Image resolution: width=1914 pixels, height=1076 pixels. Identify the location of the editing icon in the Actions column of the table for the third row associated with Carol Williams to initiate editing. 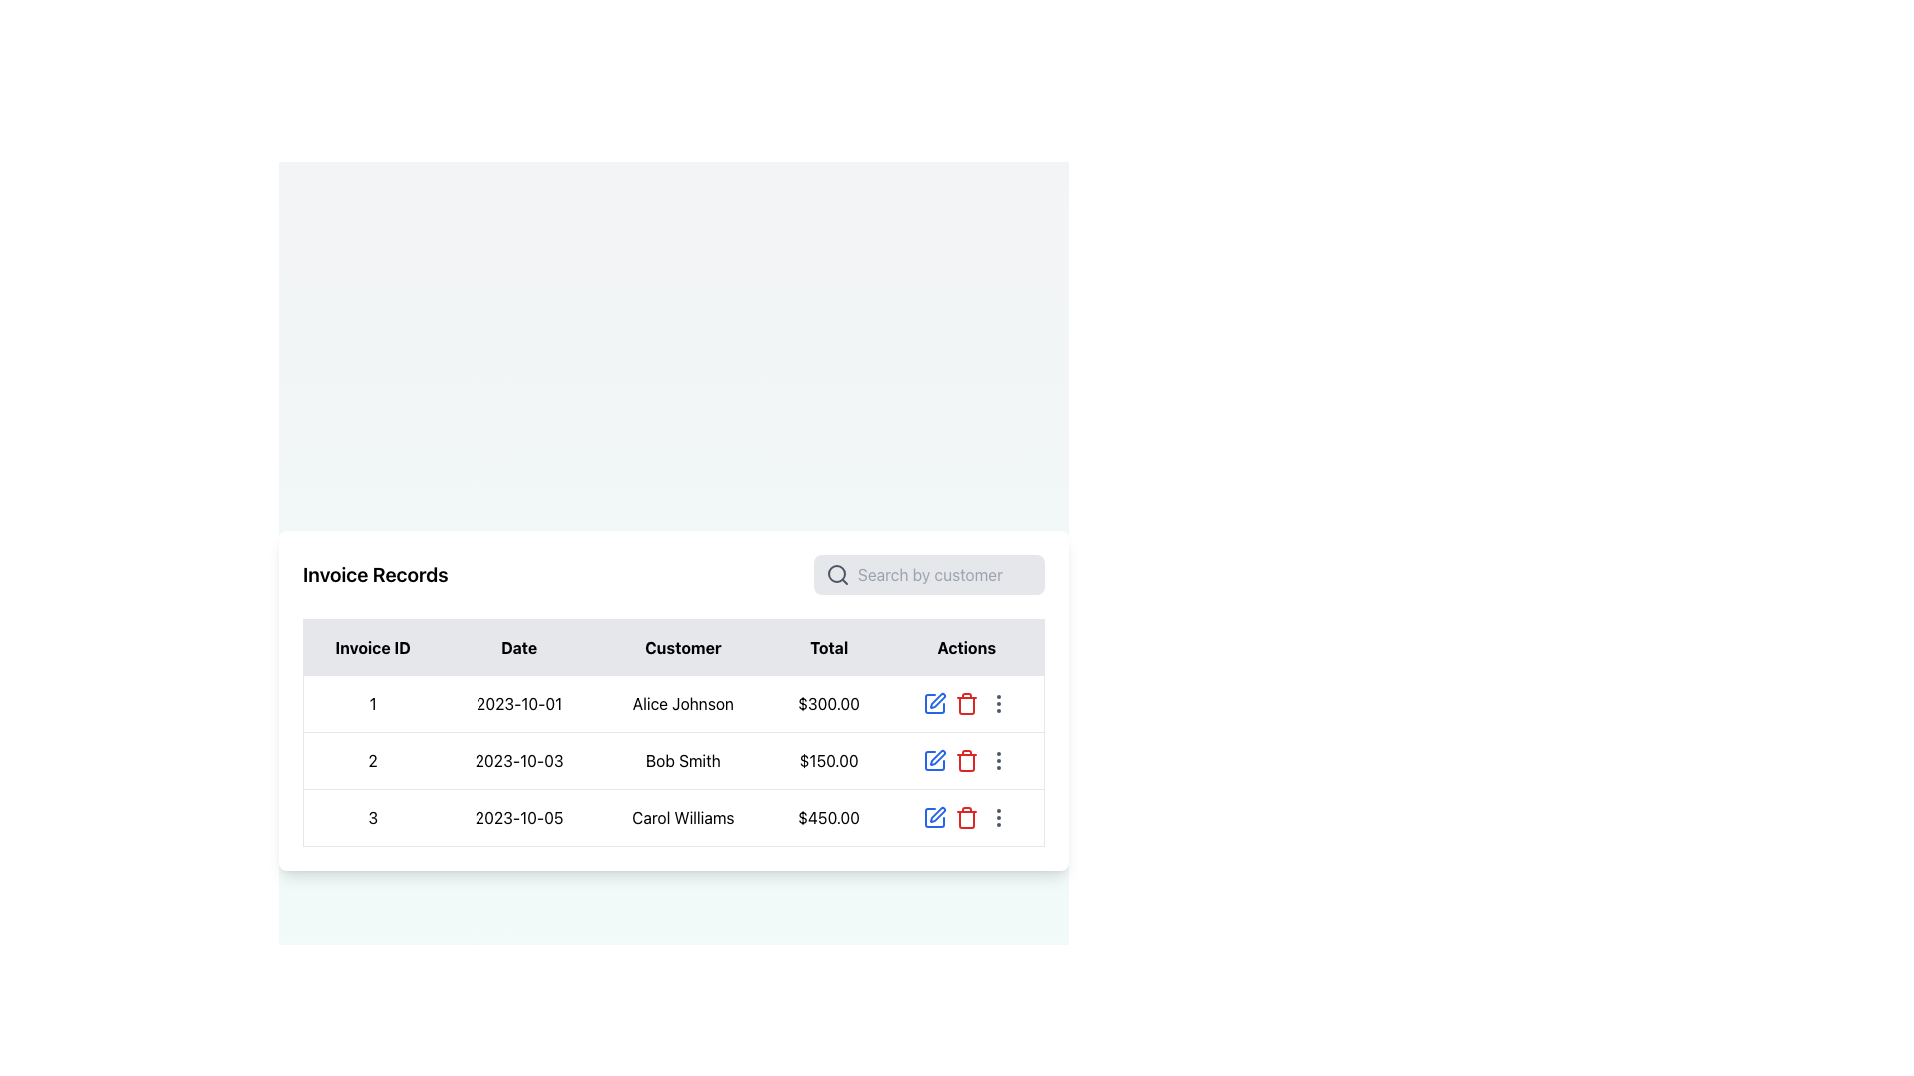
(933, 817).